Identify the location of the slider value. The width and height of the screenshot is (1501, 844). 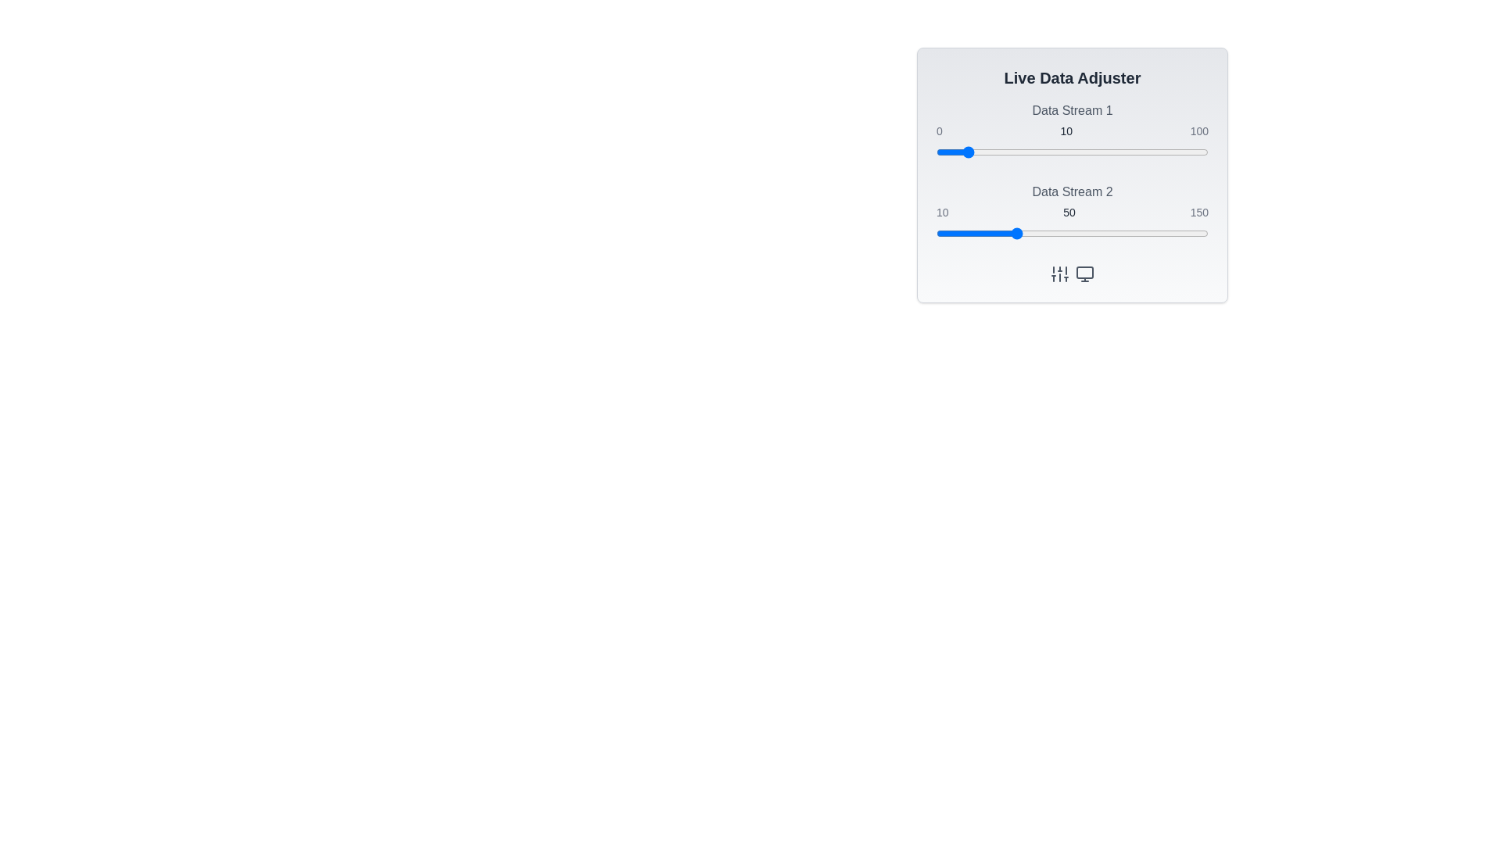
(1027, 234).